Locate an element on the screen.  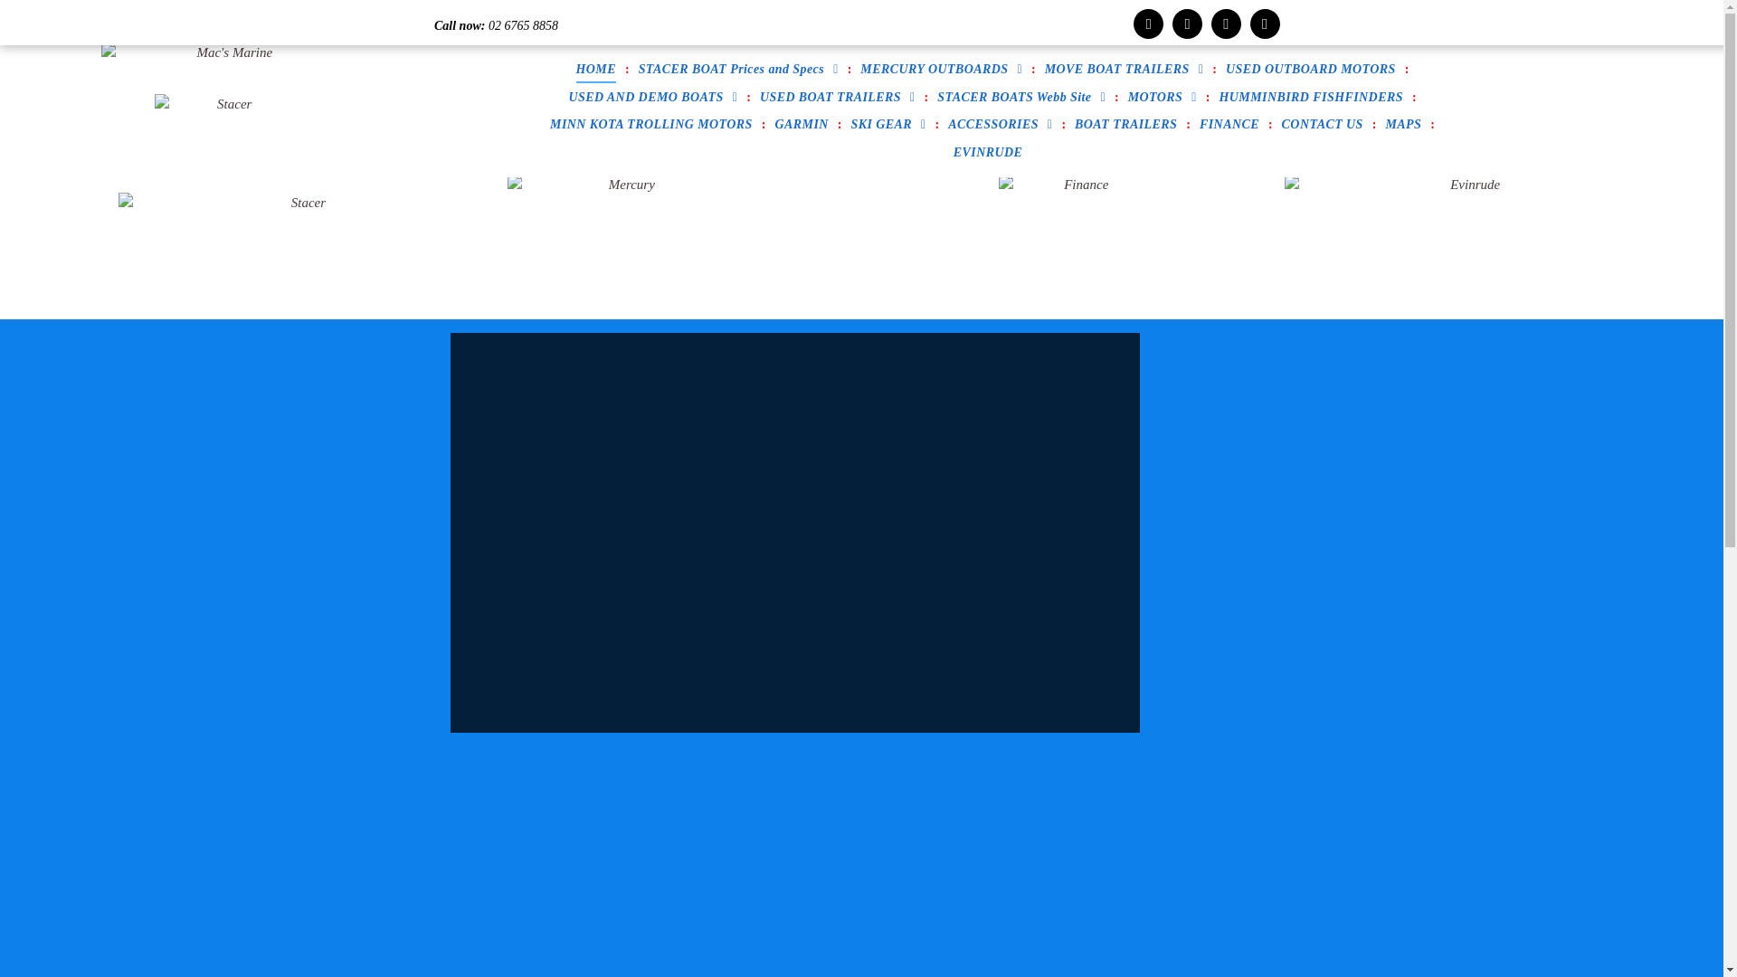
'STACER BOAT Prices and Specs' is located at coordinates (738, 69).